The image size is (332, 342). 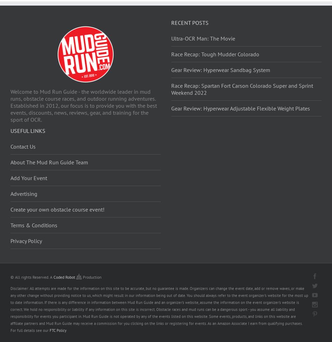 I want to click on 'Race Recap: Spartan Fort Carson Colorado Super and Sprint Weekend 2022', so click(x=242, y=88).